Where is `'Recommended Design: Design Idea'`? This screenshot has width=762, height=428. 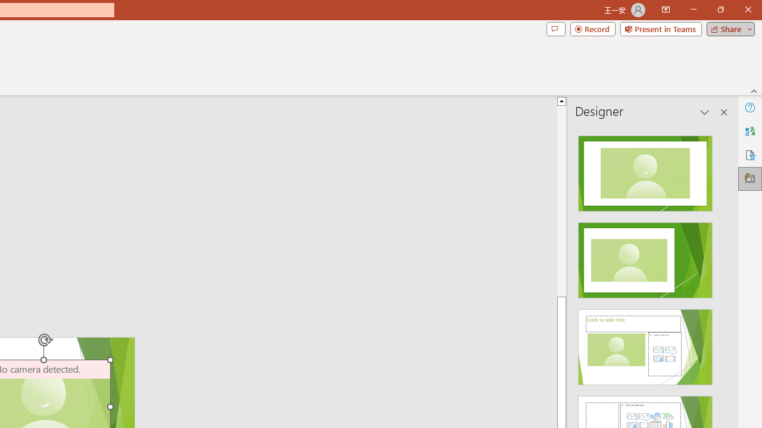
'Recommended Design: Design Idea' is located at coordinates (645, 170).